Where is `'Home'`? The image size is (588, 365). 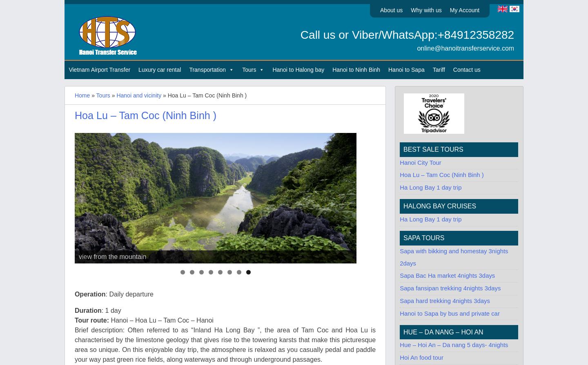 'Home' is located at coordinates (82, 95).